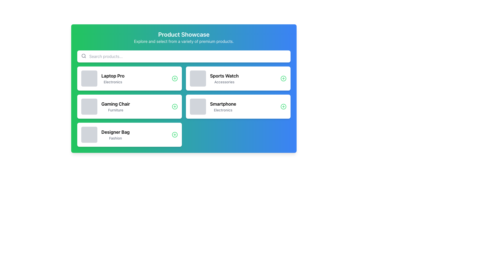 This screenshot has width=483, height=271. Describe the element at coordinates (284, 106) in the screenshot. I see `the circular add button icon with a green stroke and a plus symbol, located in the bottom-right corner of the 'Smartphone' product card` at that location.